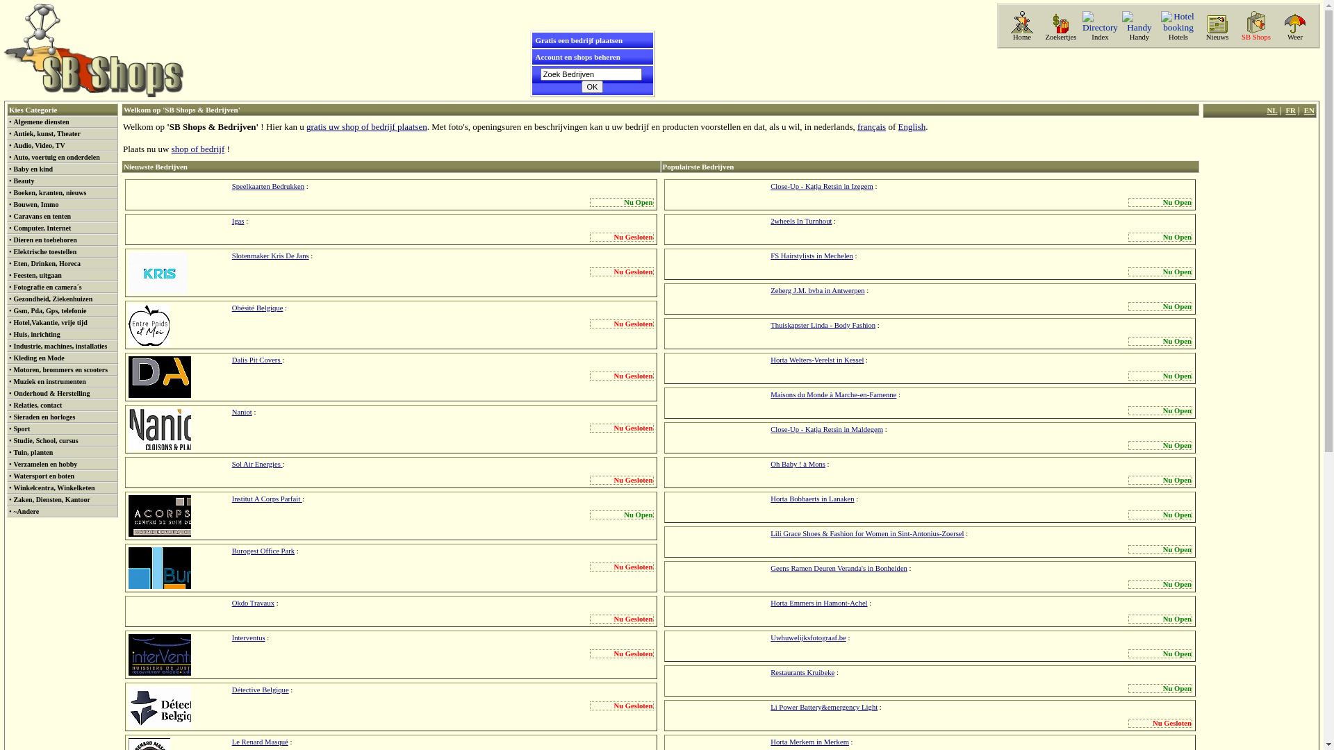 This screenshot has width=1334, height=750. What do you see at coordinates (33, 452) in the screenshot?
I see `'Tuin, planten'` at bounding box center [33, 452].